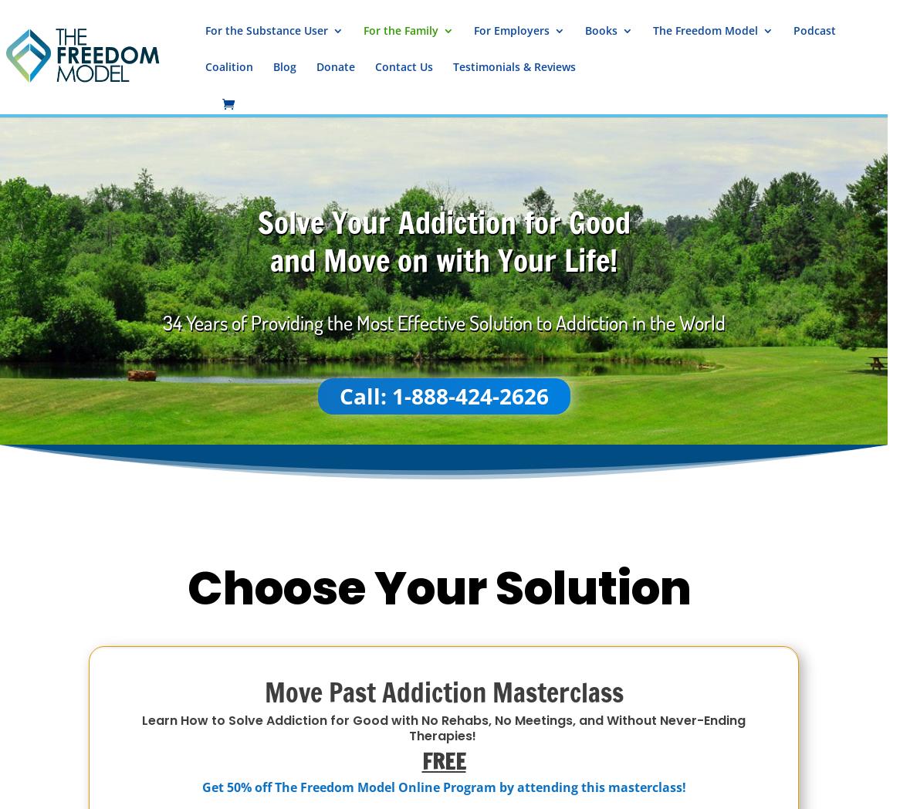 The width and height of the screenshot is (900, 809). What do you see at coordinates (546, 300) in the screenshot?
I see `'The Clean Slate'` at bounding box center [546, 300].